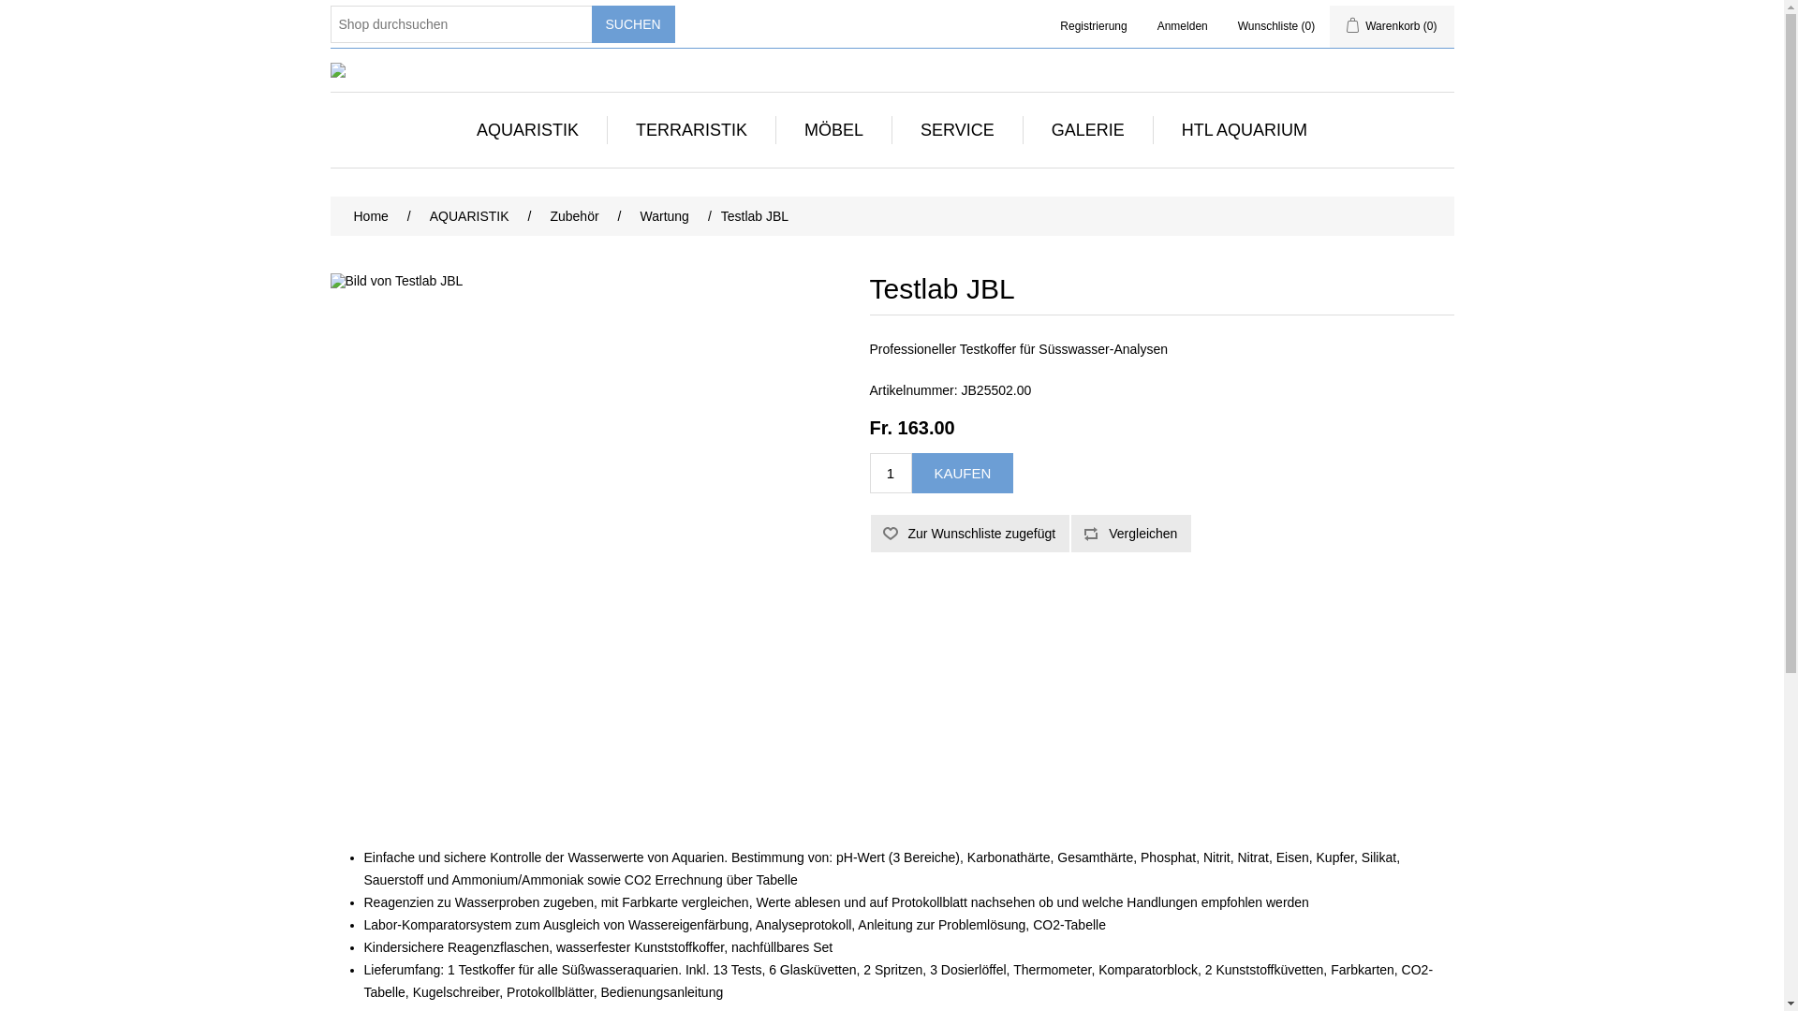 The width and height of the screenshot is (1798, 1011). Describe the element at coordinates (1130, 534) in the screenshot. I see `'Vergleichen'` at that location.